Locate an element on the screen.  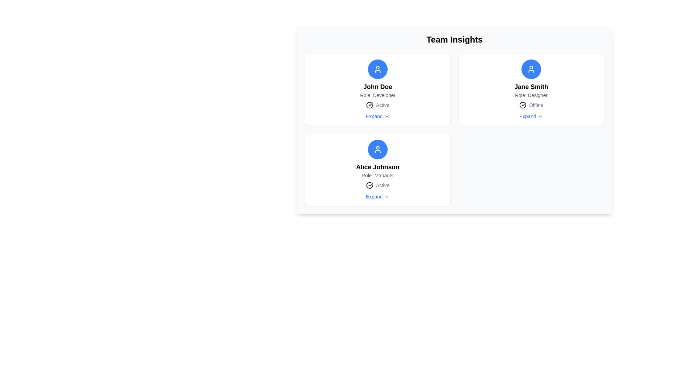
the text label displaying 'Role: Manager', which is styled in a smaller font size and gray color, located under the name label 'Alice Johnson' and above the 'Active' status indicator is located at coordinates (377, 175).